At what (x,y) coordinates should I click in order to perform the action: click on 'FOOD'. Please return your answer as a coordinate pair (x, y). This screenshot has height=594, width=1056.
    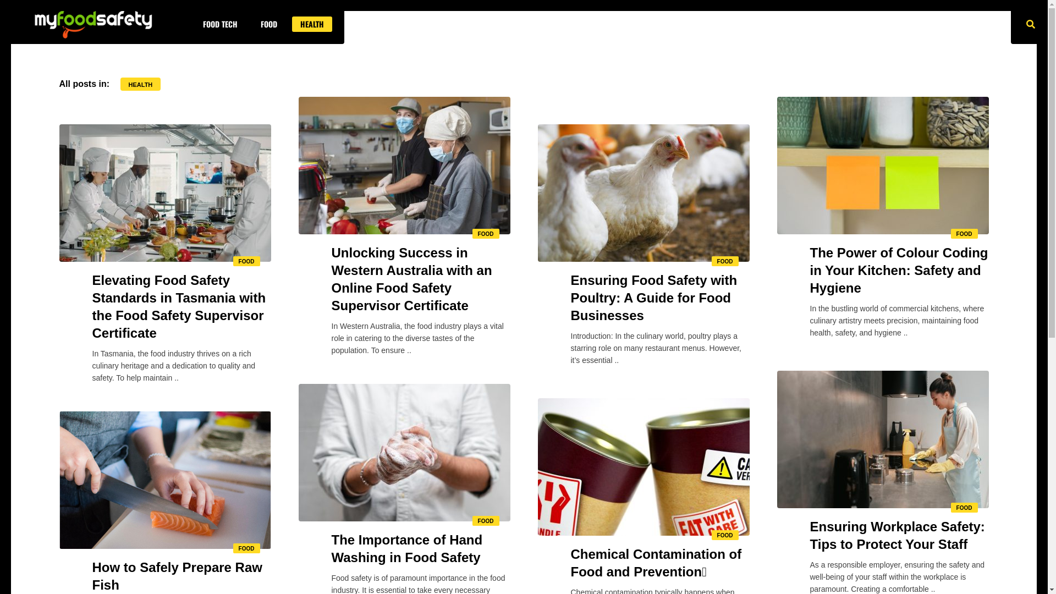
    Looking at the image, I should click on (269, 24).